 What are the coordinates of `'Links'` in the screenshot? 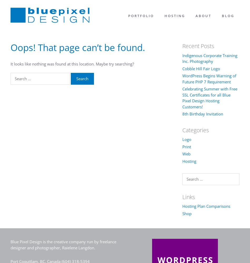 It's located at (182, 196).